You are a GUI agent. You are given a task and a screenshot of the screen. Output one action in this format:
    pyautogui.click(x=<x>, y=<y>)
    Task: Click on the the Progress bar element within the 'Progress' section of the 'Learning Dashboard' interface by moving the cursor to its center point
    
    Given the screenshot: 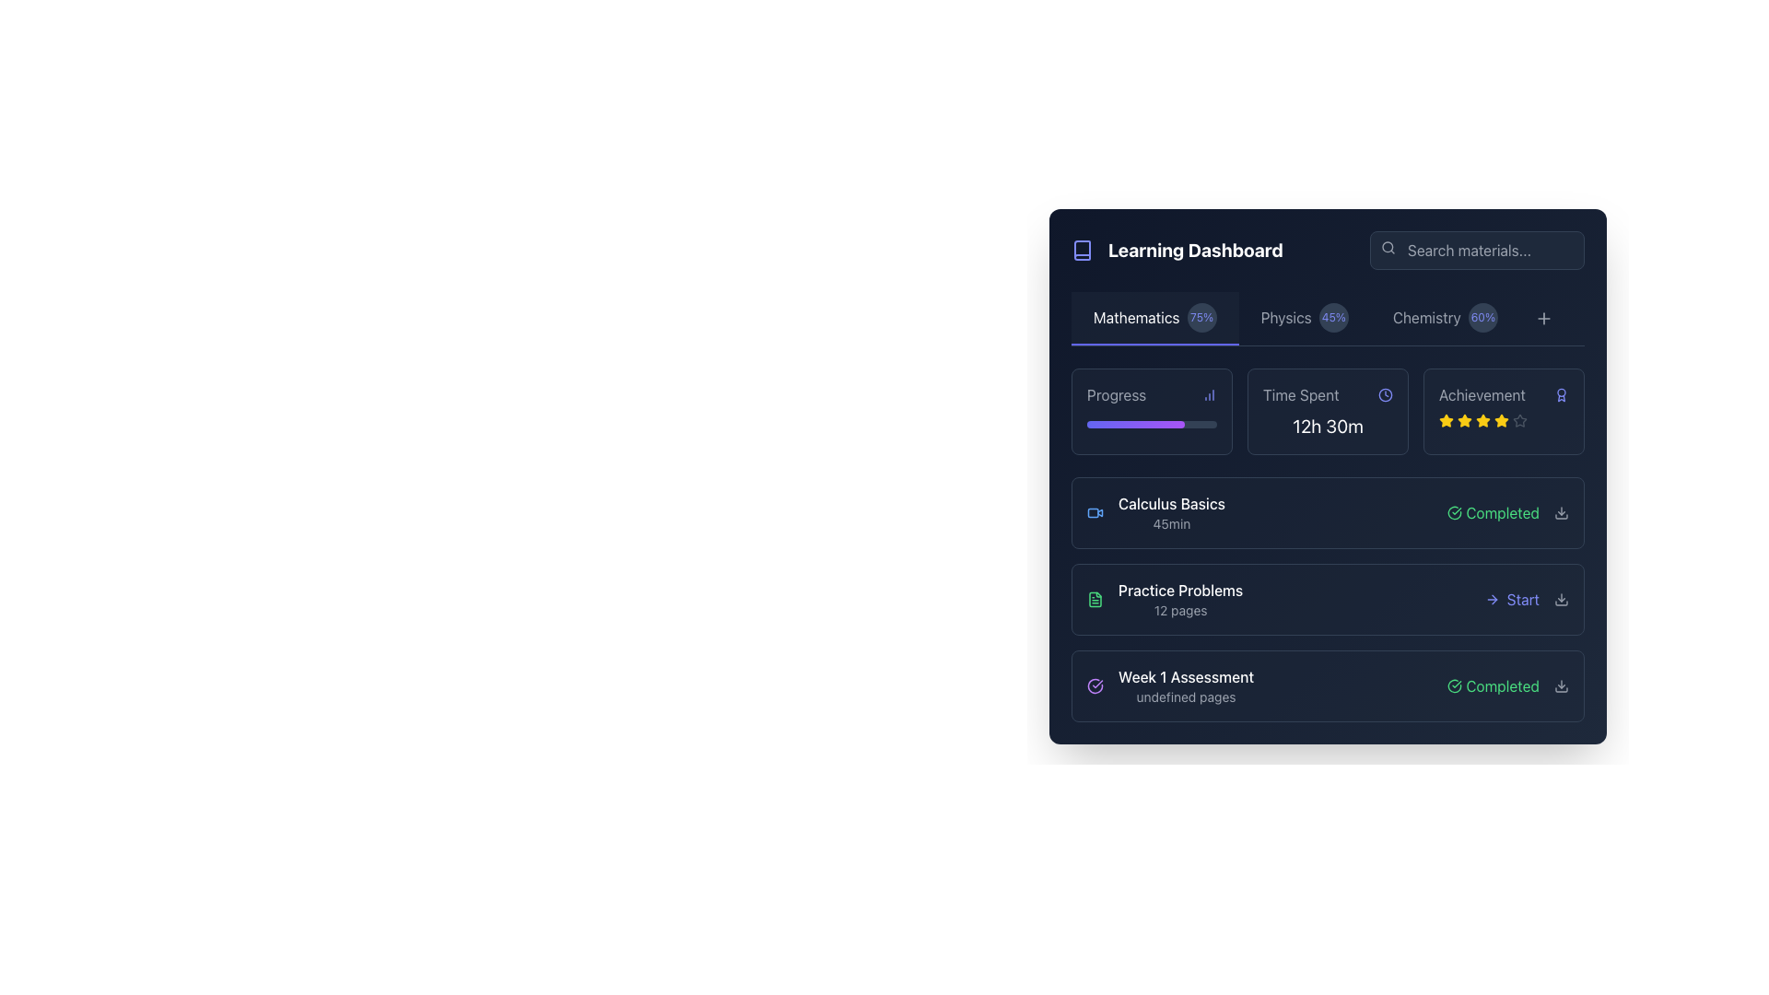 What is the action you would take?
    pyautogui.click(x=1134, y=425)
    